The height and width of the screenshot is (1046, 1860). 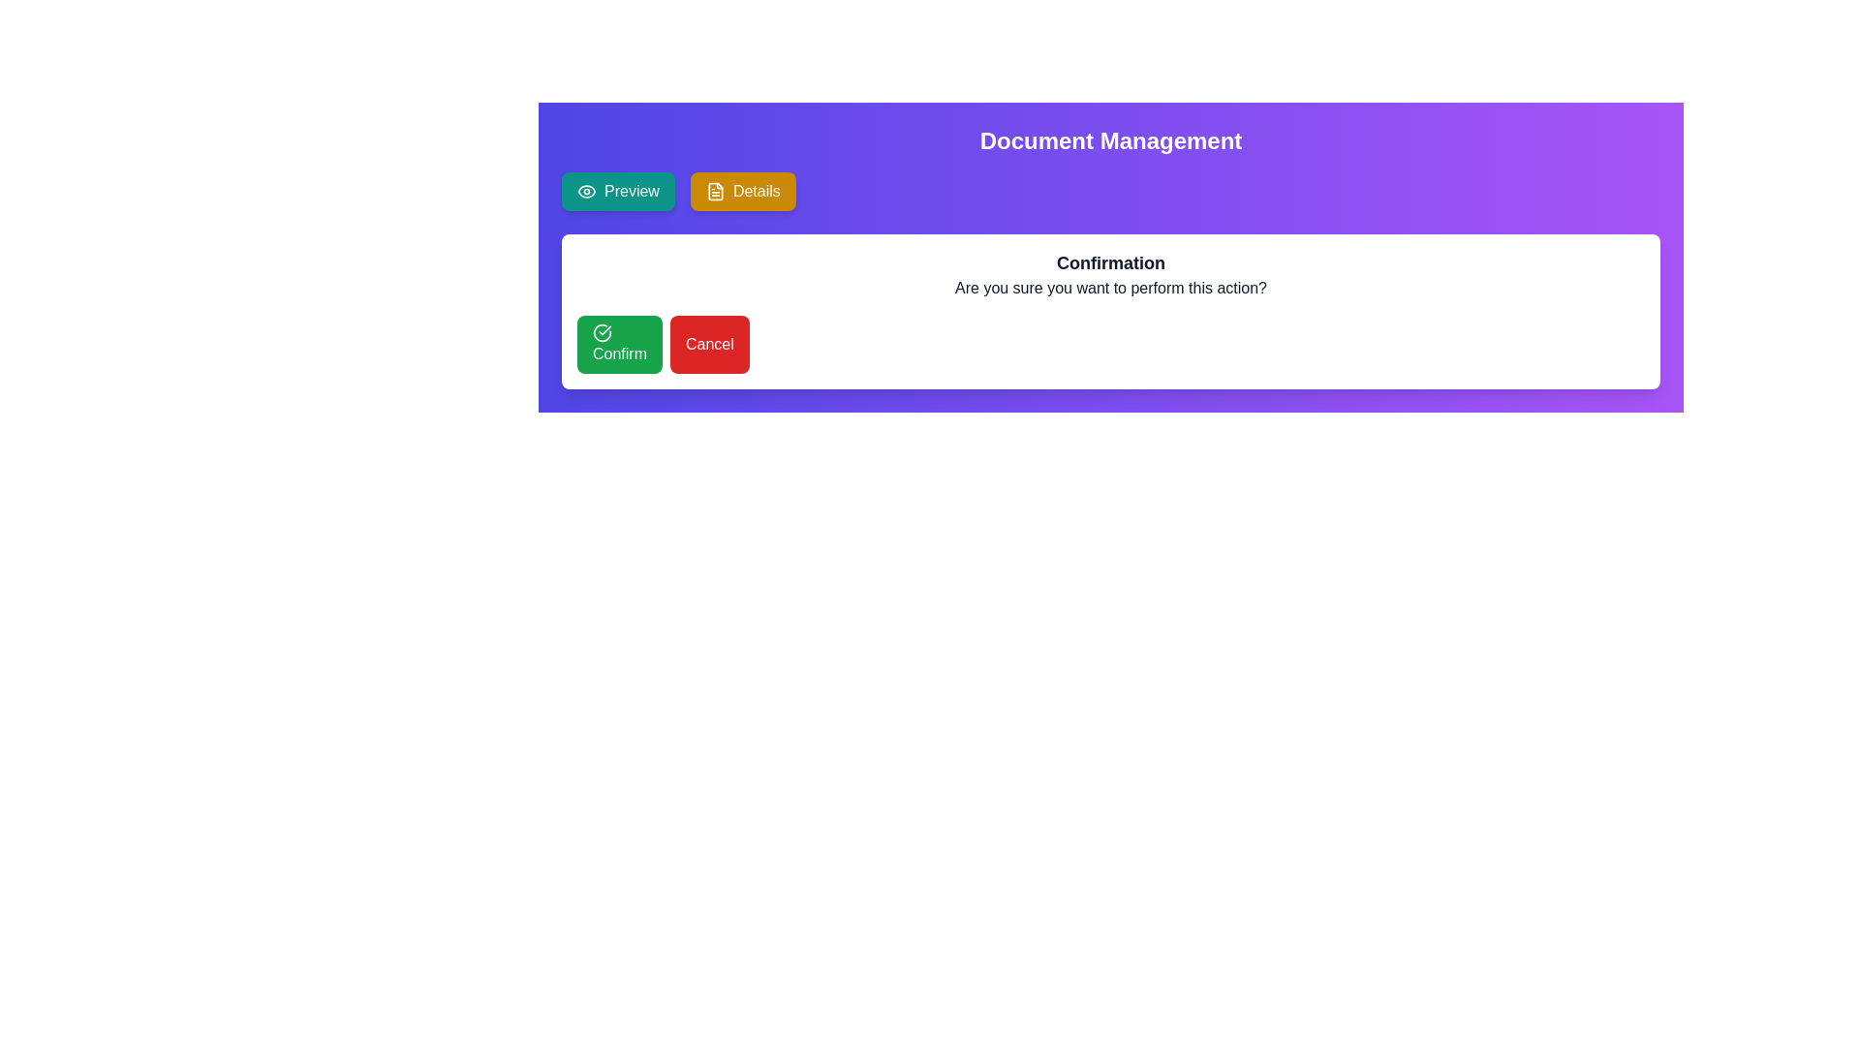 I want to click on the confirm button located on the left side of a two-button group in the lower-center part of the main content area to finalize the user action, so click(x=618, y=343).